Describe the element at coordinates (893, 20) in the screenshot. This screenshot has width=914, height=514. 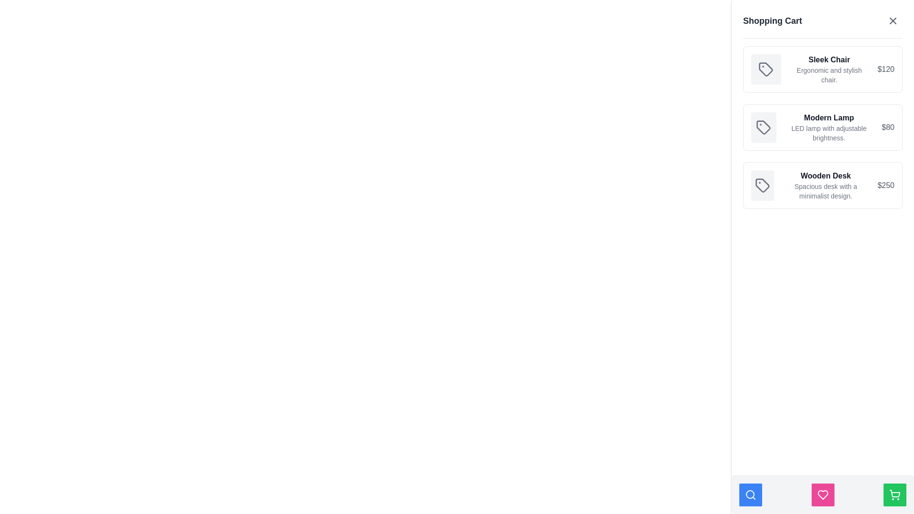
I see `the closure icon button located at the top-right of the shopping cart header to hide or close the cart interface` at that location.